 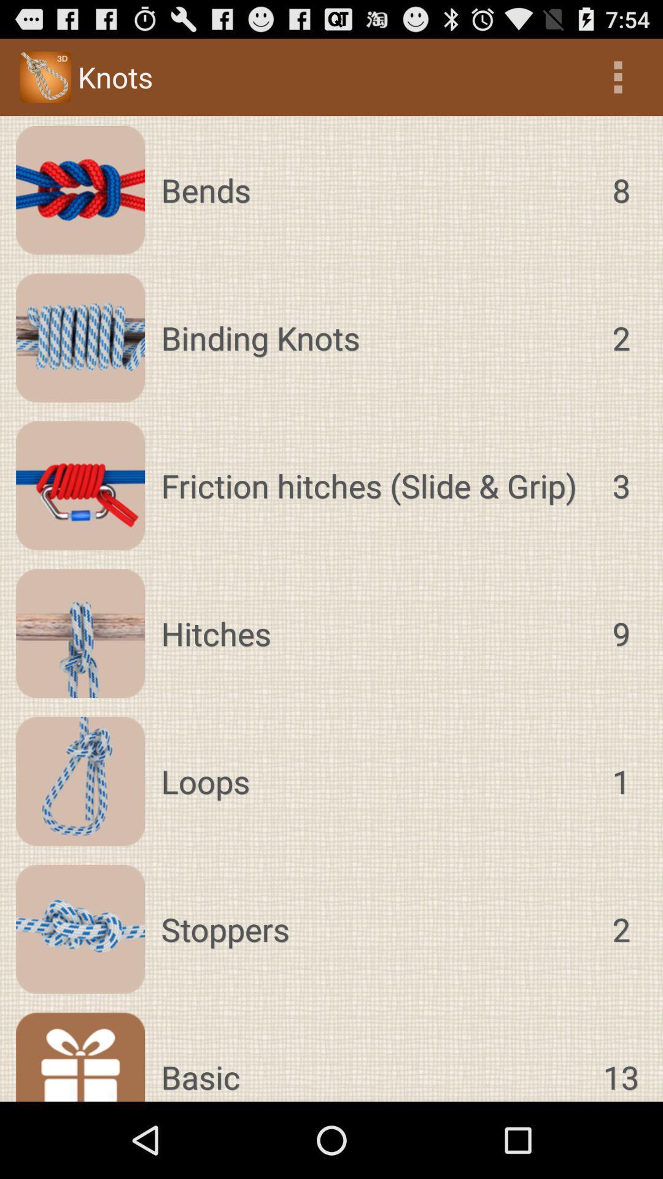 I want to click on item next to basic icon, so click(x=621, y=1056).